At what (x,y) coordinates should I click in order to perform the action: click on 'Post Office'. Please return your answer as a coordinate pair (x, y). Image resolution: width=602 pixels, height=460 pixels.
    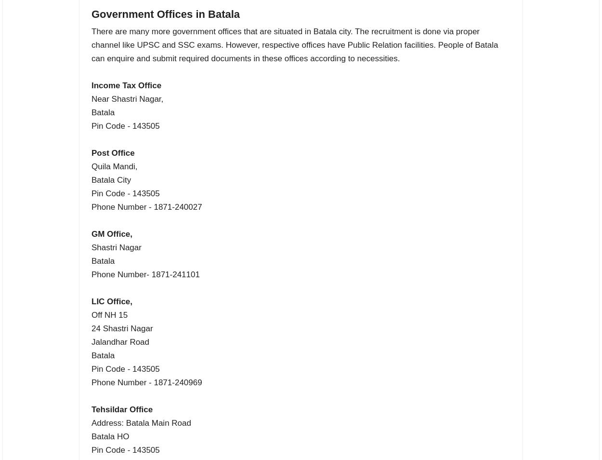
    Looking at the image, I should click on (112, 152).